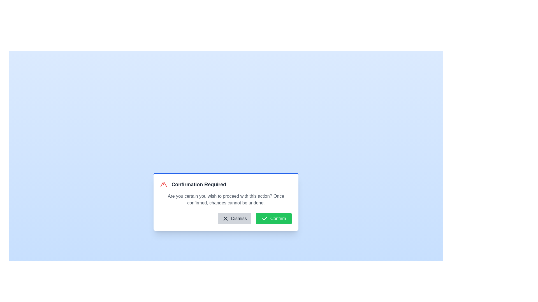  I want to click on the text element that reads 'Are you certain you wish to proceed with this action? Once confirmed, changes cannot be undone.' located within the confirmation modal, which is positioned below the title 'Confirmation Required', so click(226, 199).